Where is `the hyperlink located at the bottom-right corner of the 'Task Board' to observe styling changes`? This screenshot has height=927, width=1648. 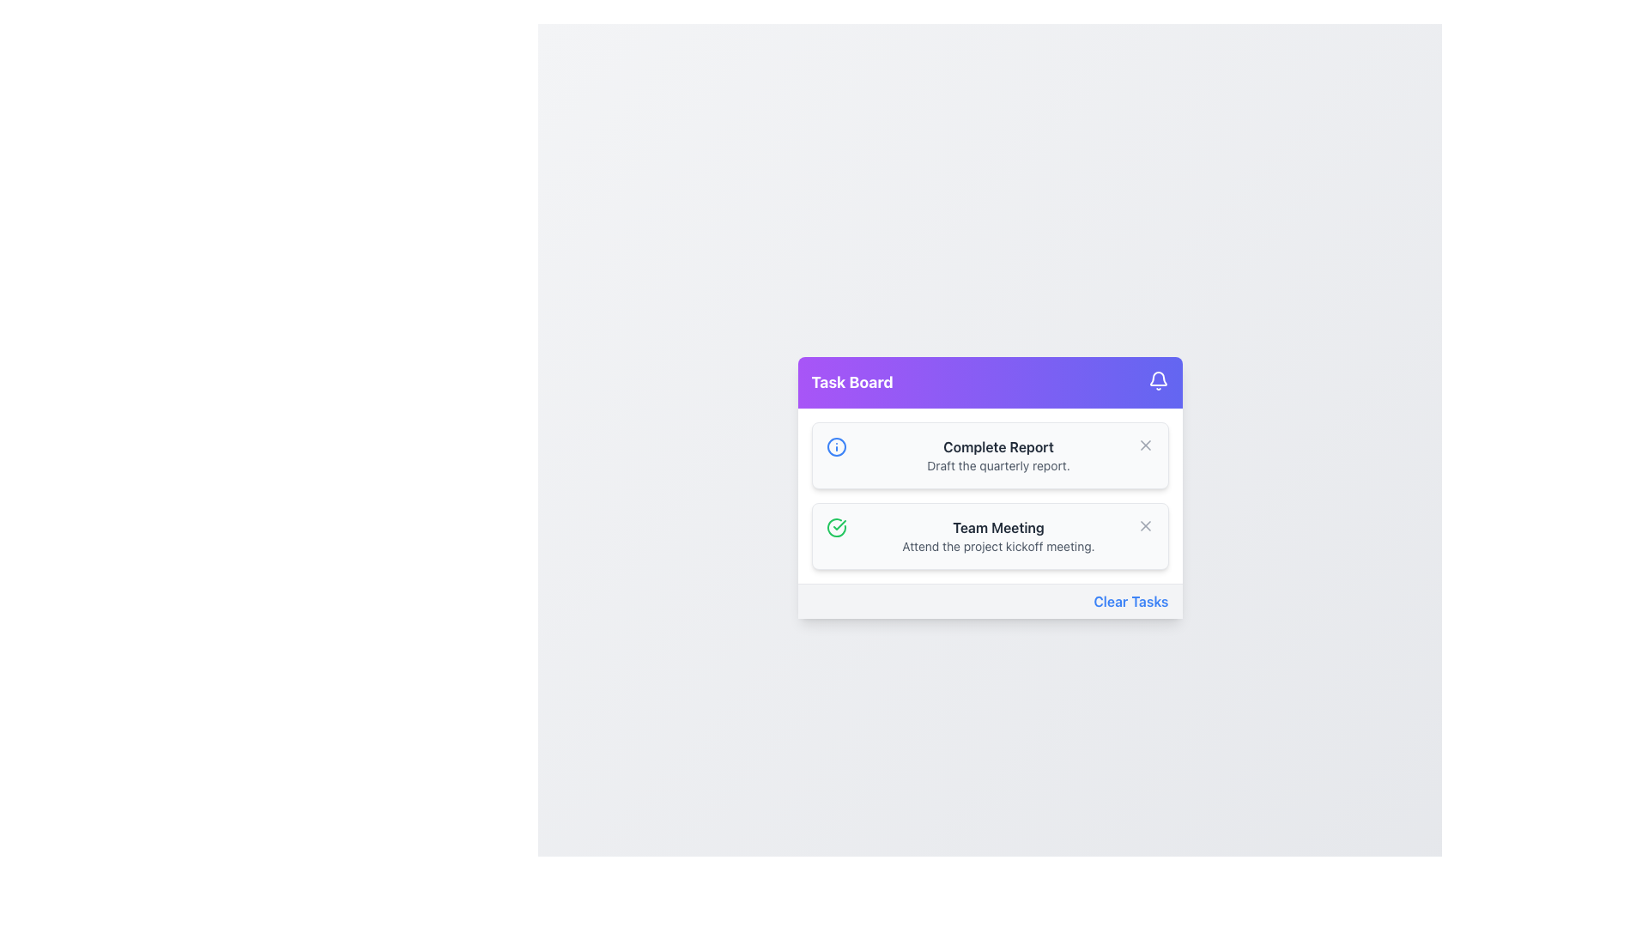
the hyperlink located at the bottom-right corner of the 'Task Board' to observe styling changes is located at coordinates (1130, 600).